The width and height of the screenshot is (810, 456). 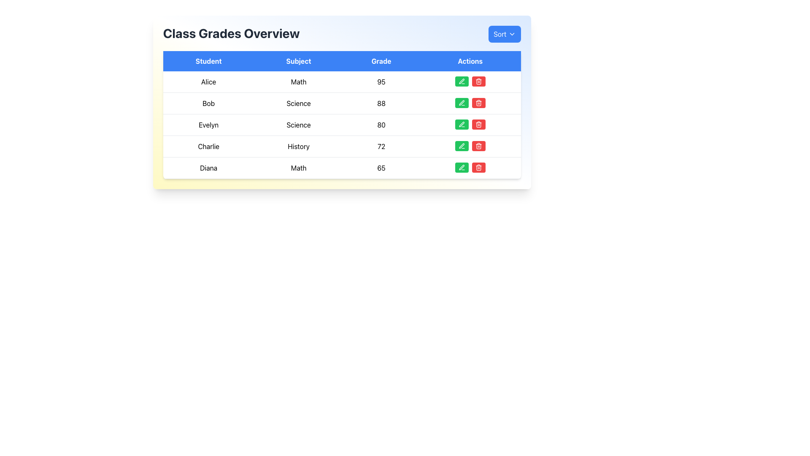 I want to click on the bold white text label reading 'Subject' located on a blue background in the table header row, so click(x=299, y=61).